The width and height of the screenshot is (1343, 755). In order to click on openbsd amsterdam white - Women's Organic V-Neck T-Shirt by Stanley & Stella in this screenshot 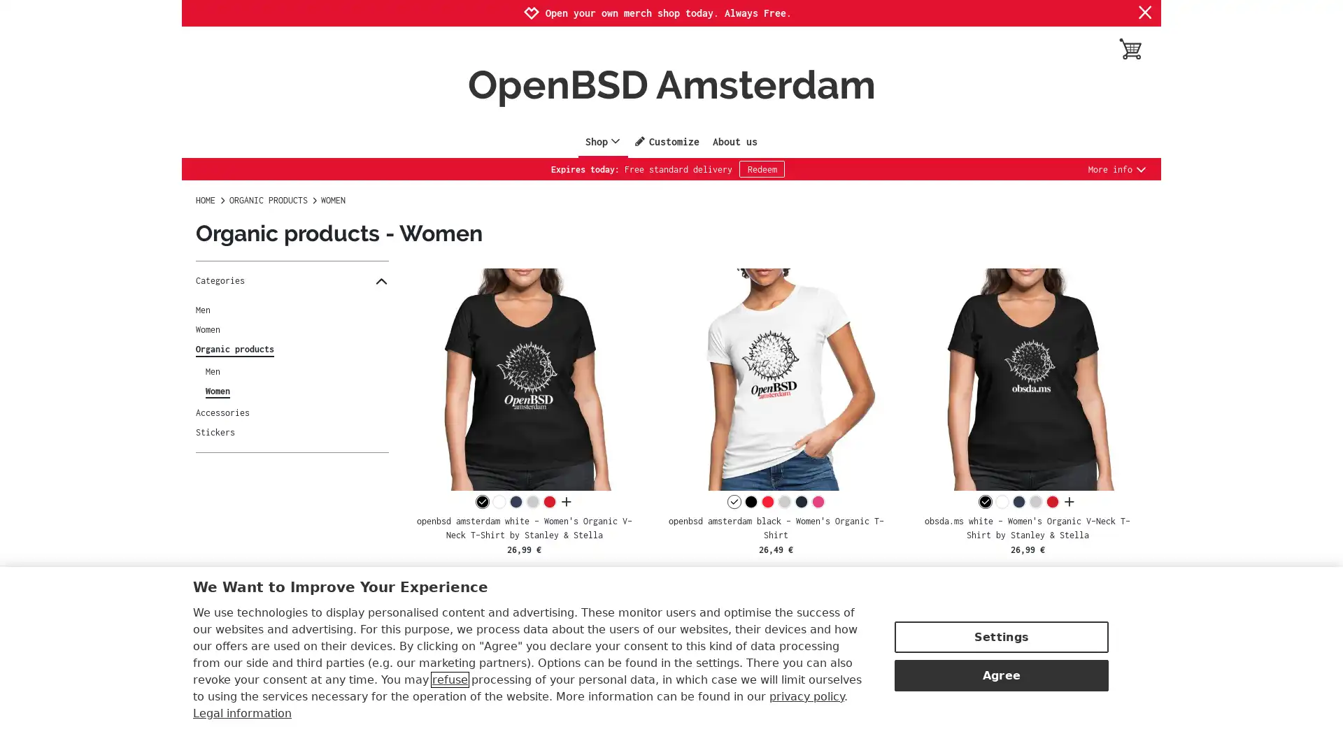, I will do `click(523, 380)`.